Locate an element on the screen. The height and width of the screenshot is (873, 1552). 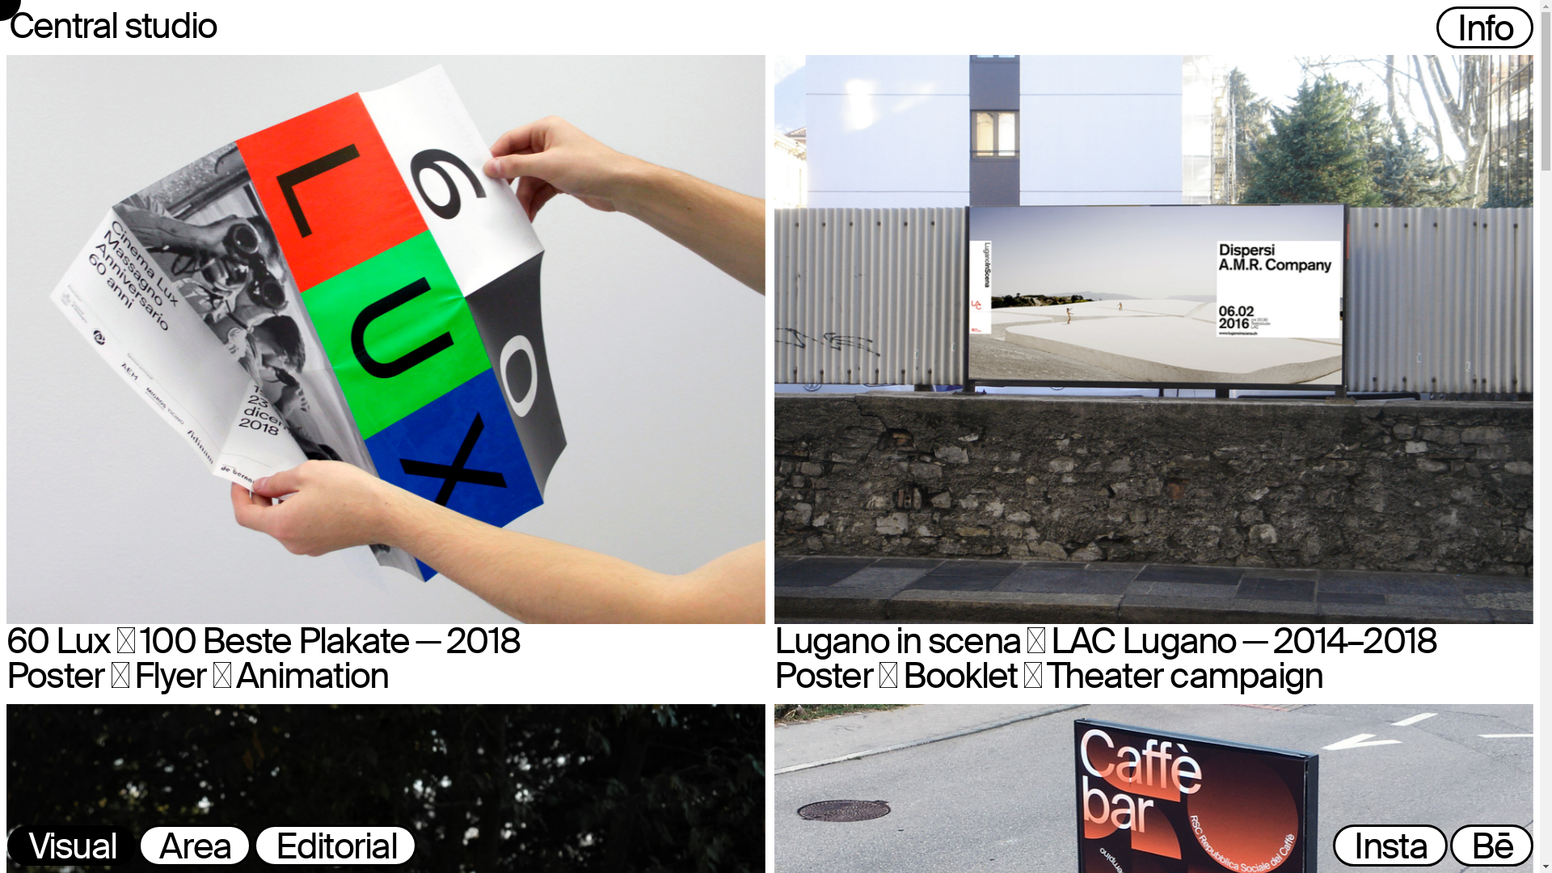
'Info' is located at coordinates (1485, 30).